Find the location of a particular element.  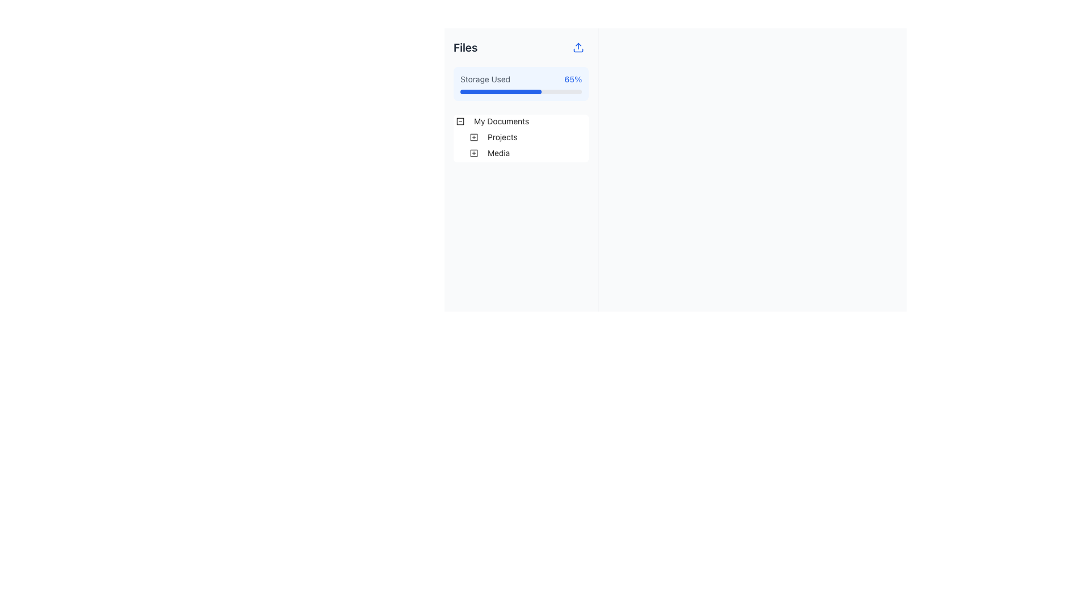

the 'My Documents' tree node item is located at coordinates (501, 121).